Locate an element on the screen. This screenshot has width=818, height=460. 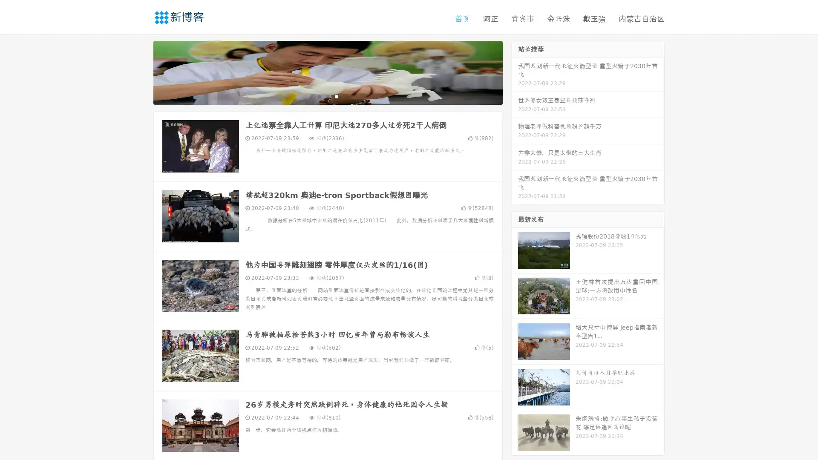
Go to slide 3 is located at coordinates (336, 96).